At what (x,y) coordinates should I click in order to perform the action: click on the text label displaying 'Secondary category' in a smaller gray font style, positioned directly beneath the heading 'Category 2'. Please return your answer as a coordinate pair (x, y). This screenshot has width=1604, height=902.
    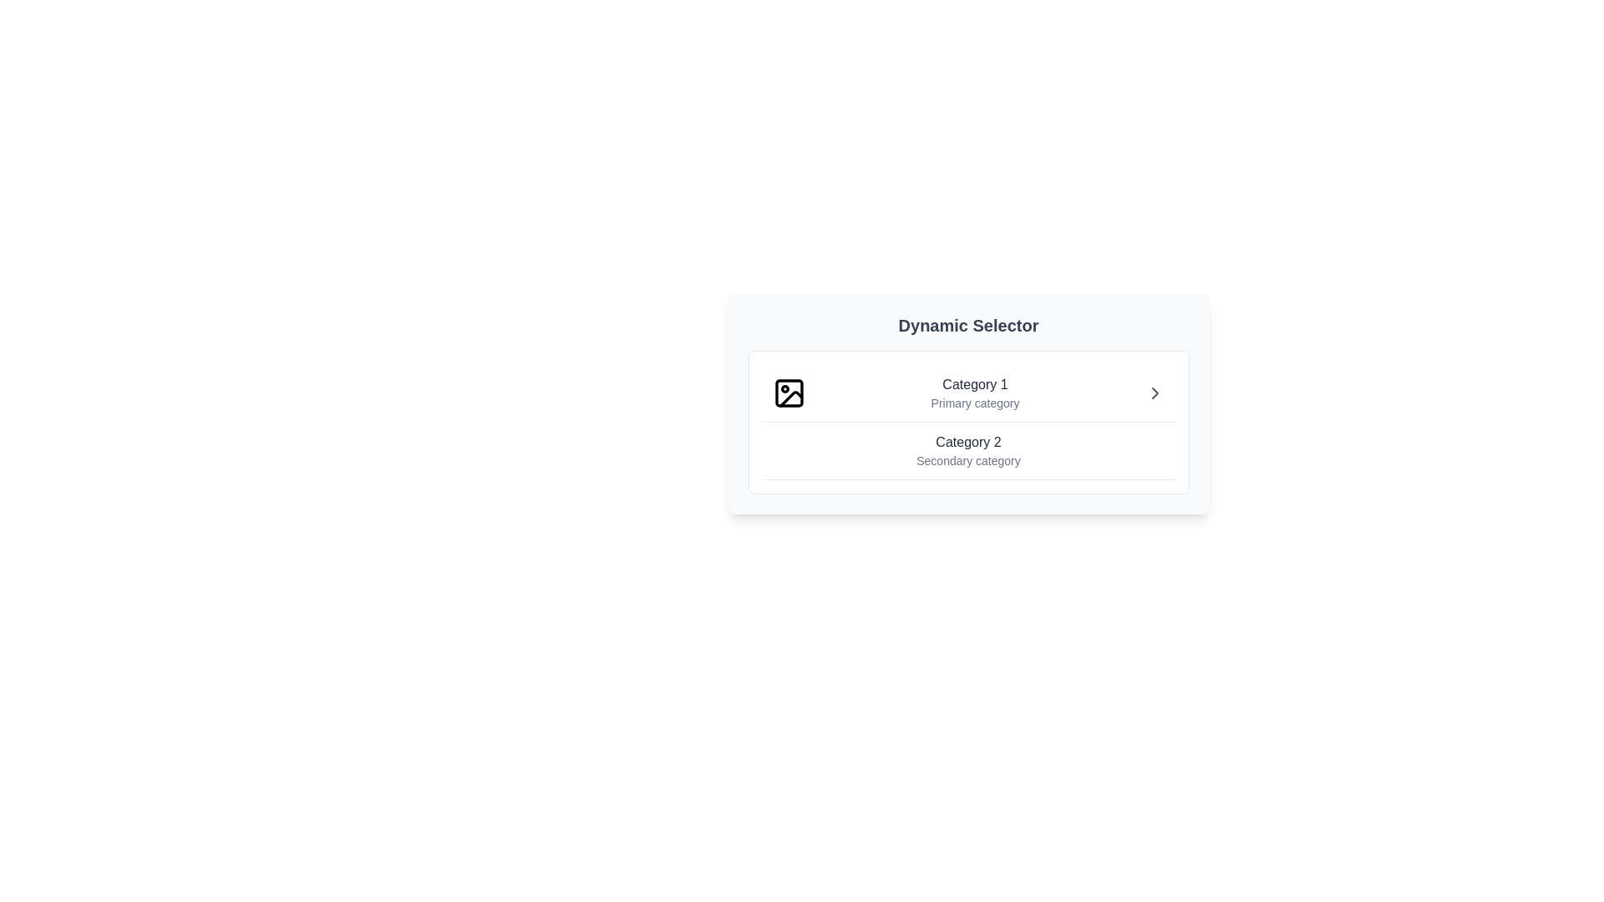
    Looking at the image, I should click on (968, 460).